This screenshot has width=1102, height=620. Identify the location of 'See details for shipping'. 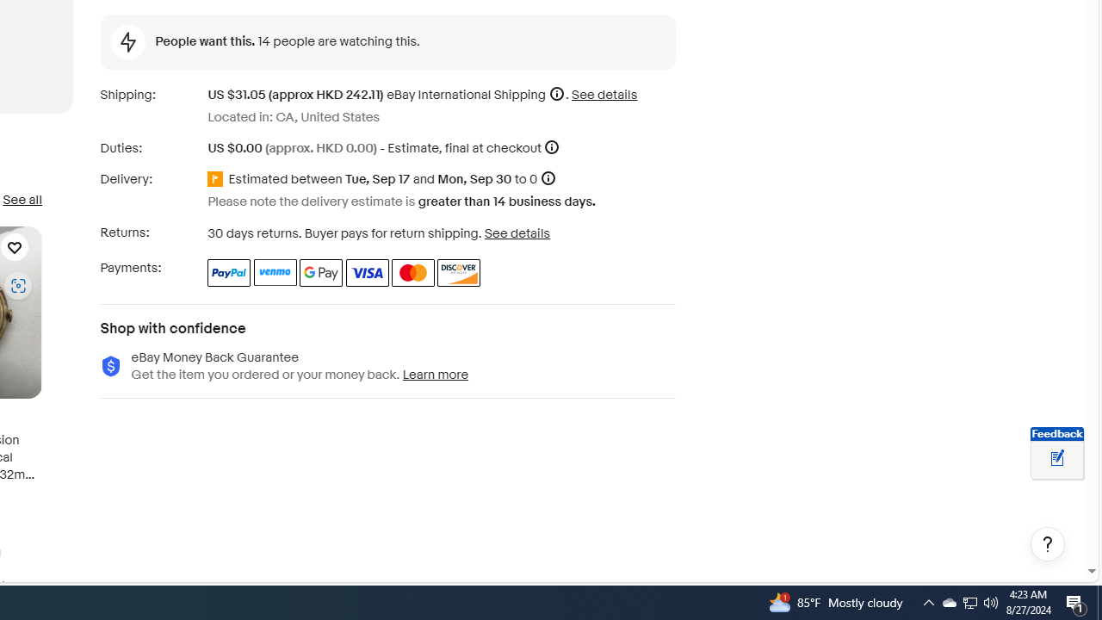
(604, 95).